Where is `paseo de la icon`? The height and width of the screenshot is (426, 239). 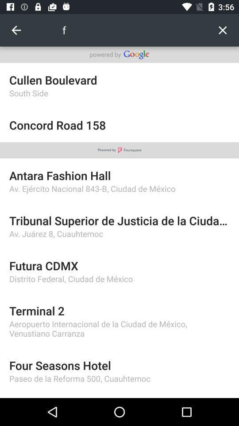 paseo de la icon is located at coordinates (119, 378).